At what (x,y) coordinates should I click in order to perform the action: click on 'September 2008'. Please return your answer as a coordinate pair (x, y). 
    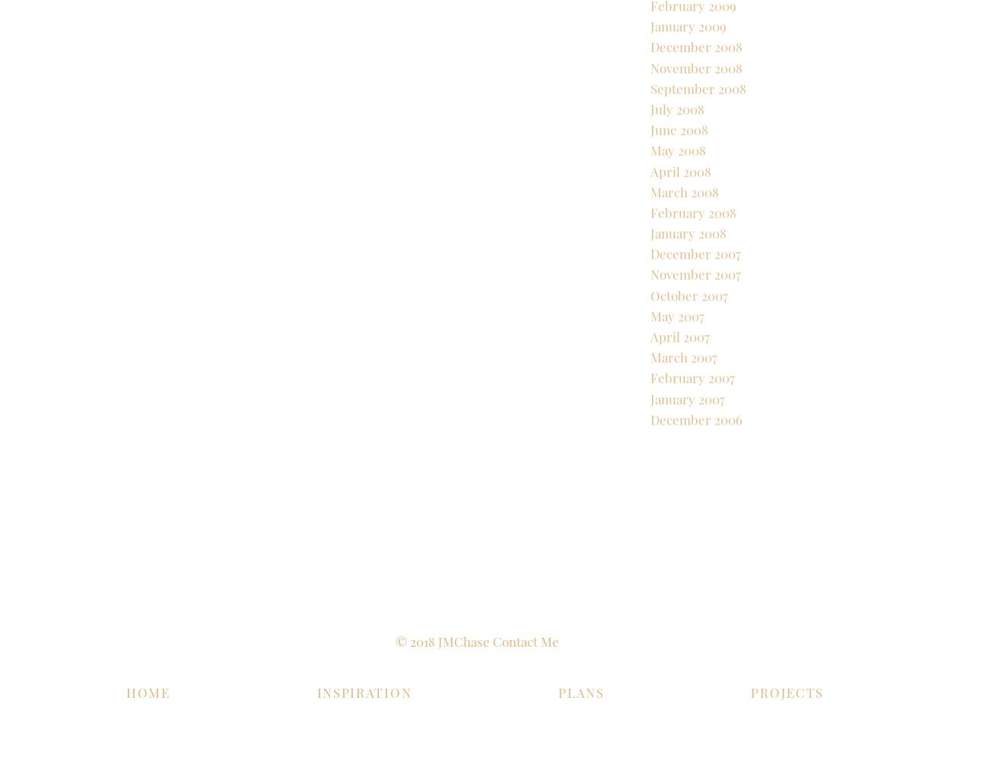
    Looking at the image, I should click on (698, 138).